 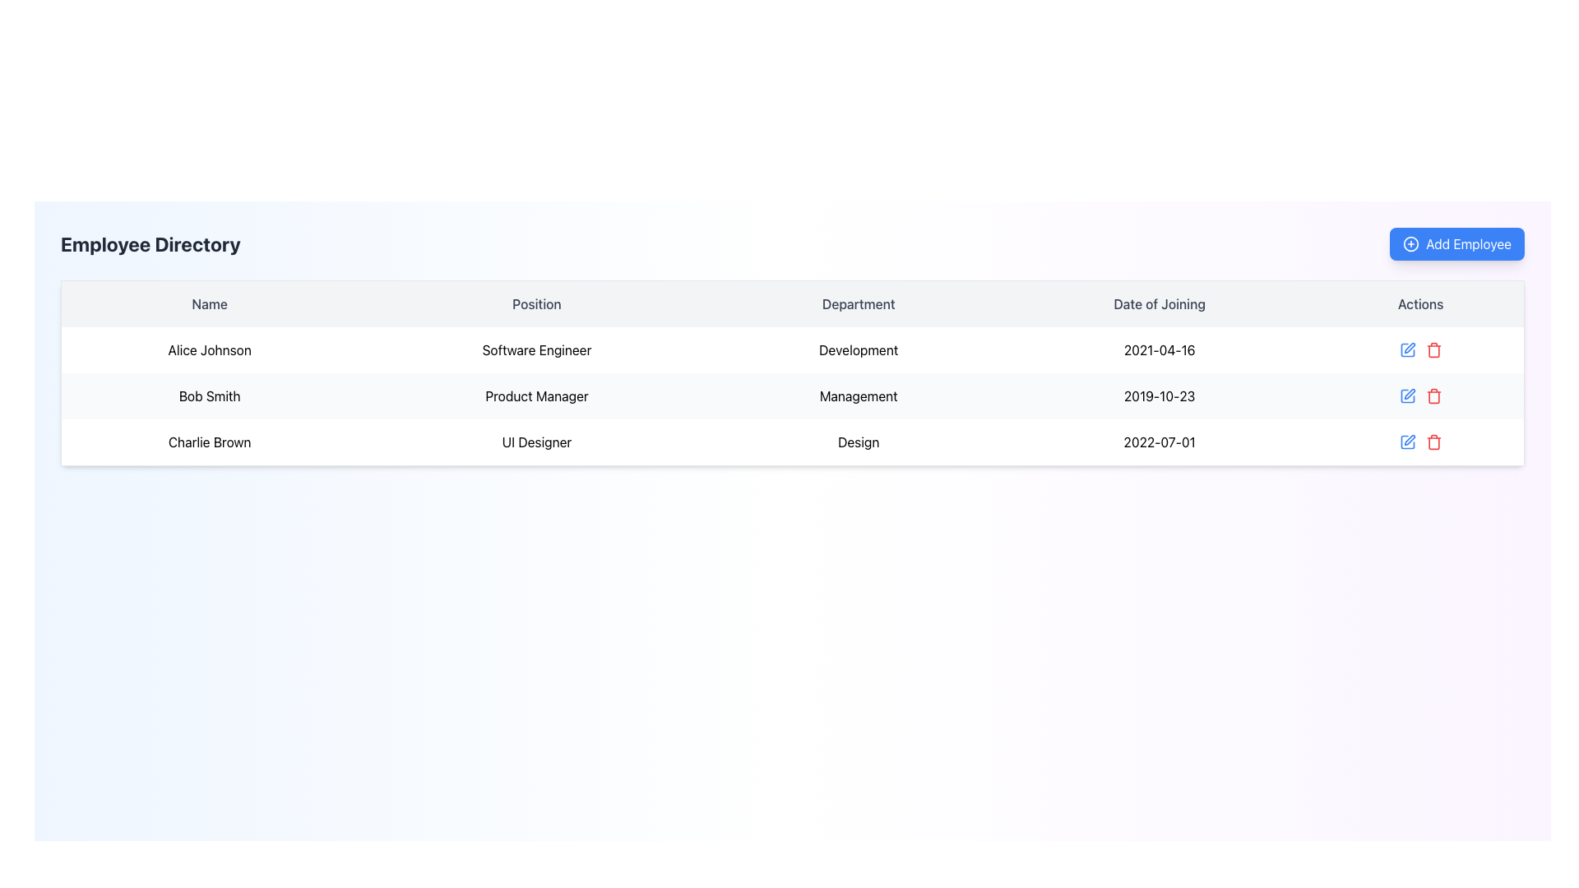 What do you see at coordinates (1457, 244) in the screenshot?
I see `the 'Add Employee' button located in the top-right corner of the interface, adjacent to the 'Employee Directory' heading` at bounding box center [1457, 244].